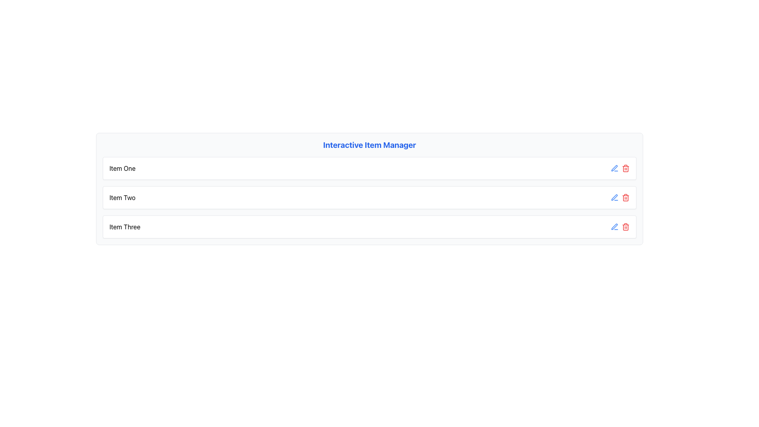  Describe the element at coordinates (369, 145) in the screenshot. I see `textual content of the text label that serves as a section title, providing context to the items listed below` at that location.